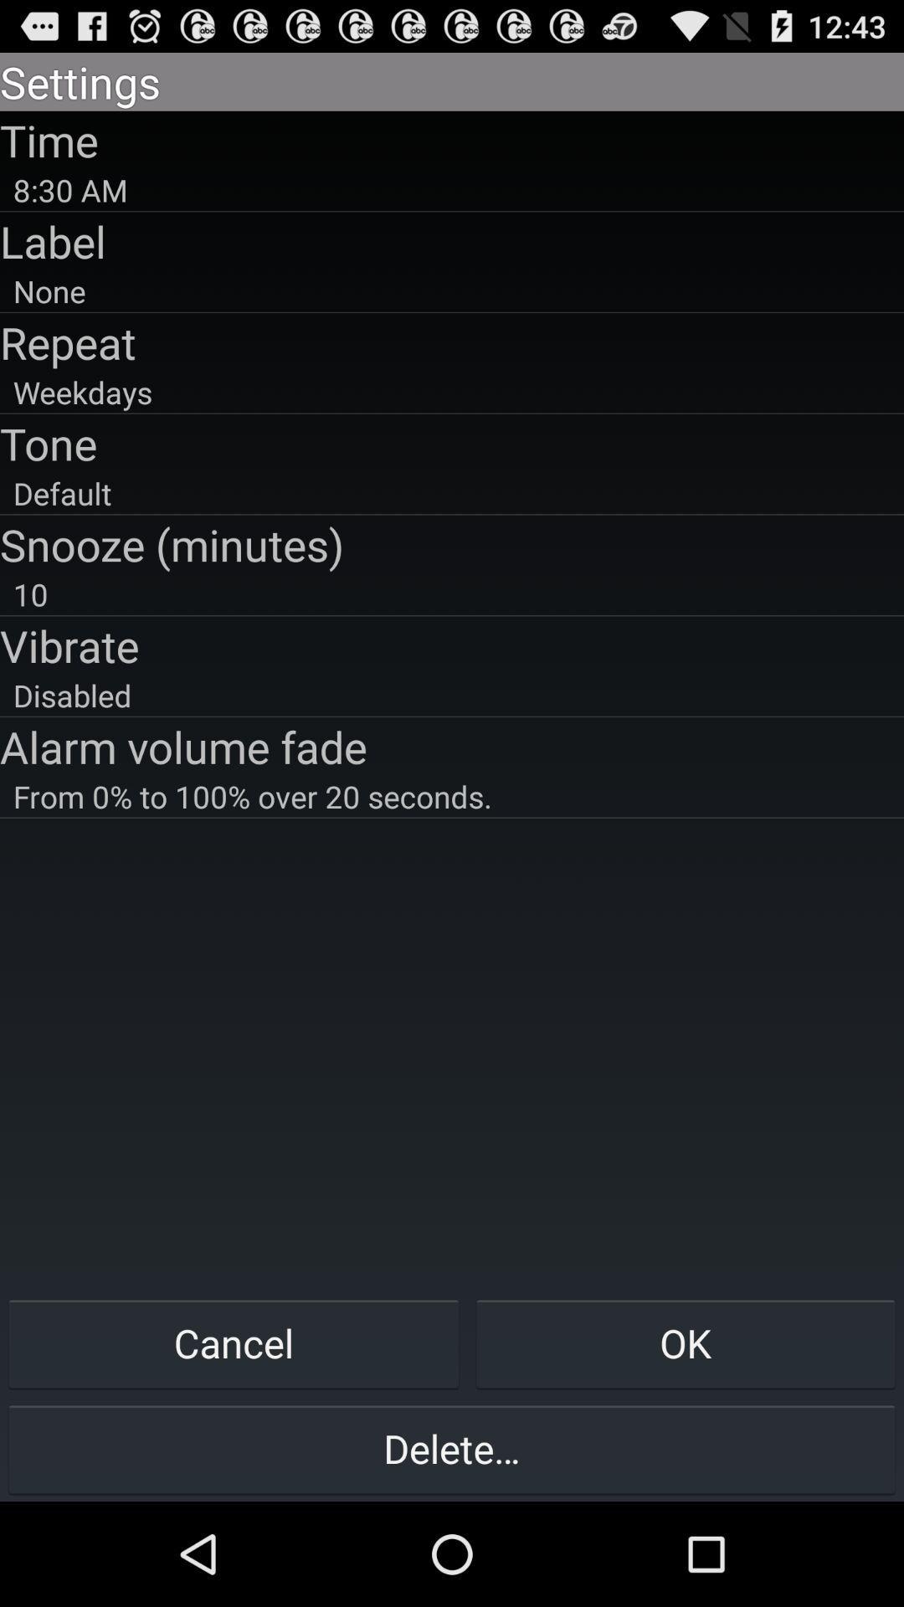  What do you see at coordinates (452, 341) in the screenshot?
I see `the item below none item` at bounding box center [452, 341].